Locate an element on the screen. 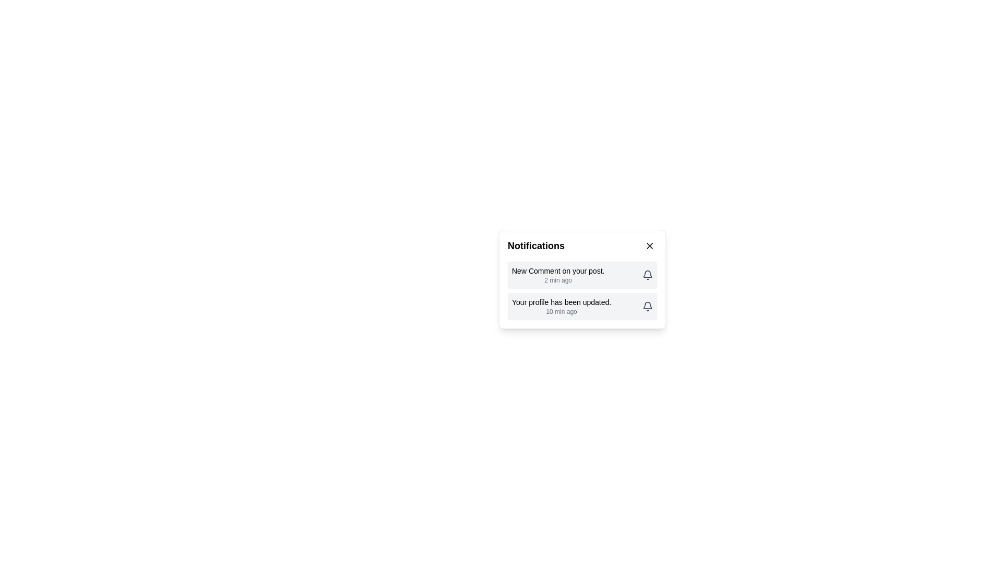 The image size is (1003, 564). the static text label displaying '2 min ago', which is located beneath the main notification message in the pop-up notification UI is located at coordinates (557, 279).